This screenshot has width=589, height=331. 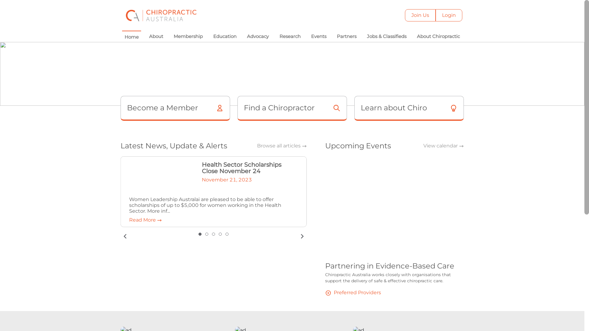 I want to click on 'slide item 5', so click(x=226, y=234).